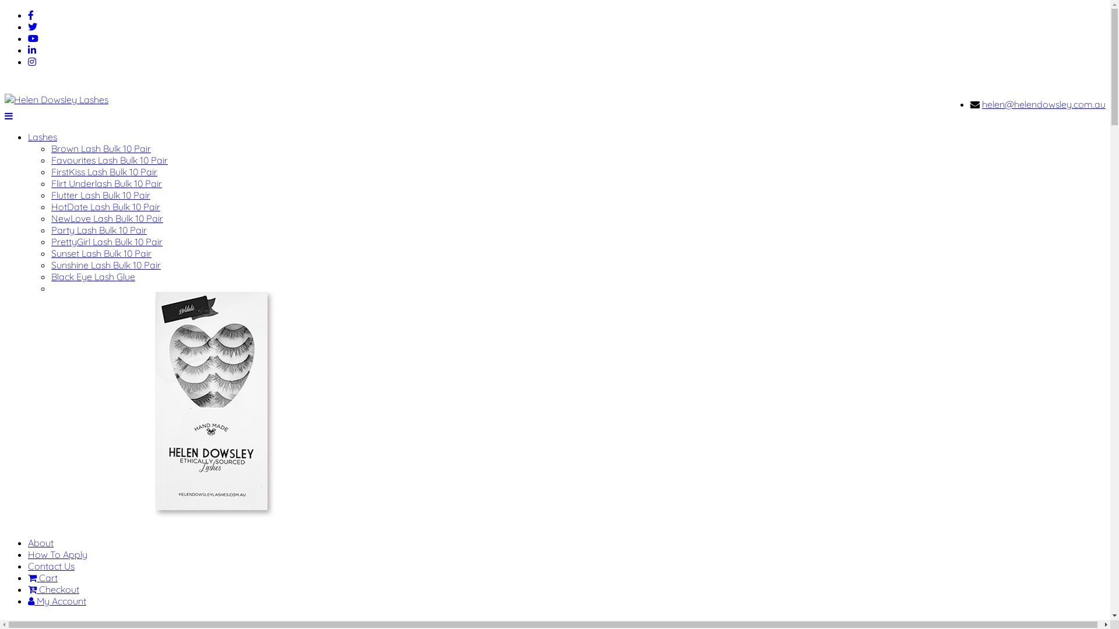  What do you see at coordinates (41, 543) in the screenshot?
I see `'About'` at bounding box center [41, 543].